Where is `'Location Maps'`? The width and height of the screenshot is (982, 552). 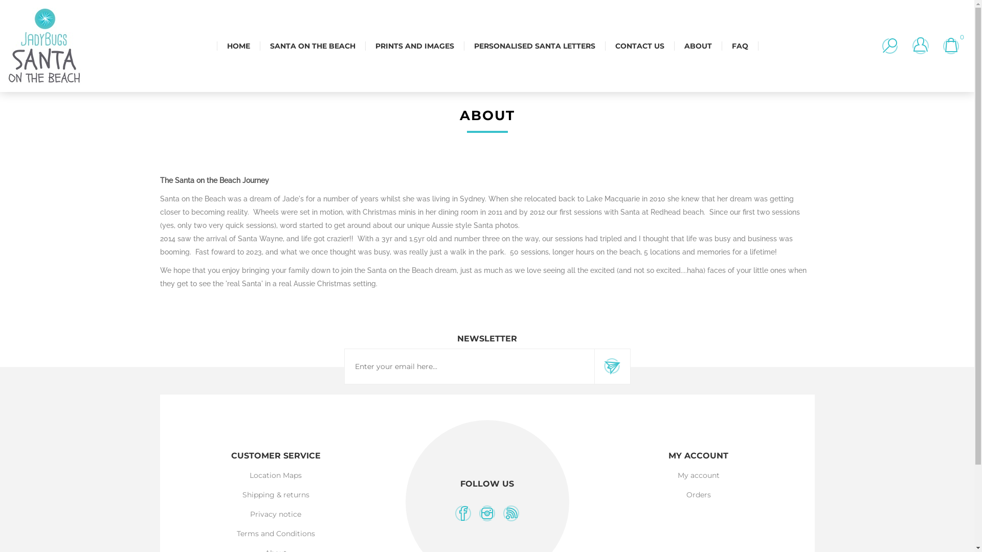 'Location Maps' is located at coordinates (275, 475).